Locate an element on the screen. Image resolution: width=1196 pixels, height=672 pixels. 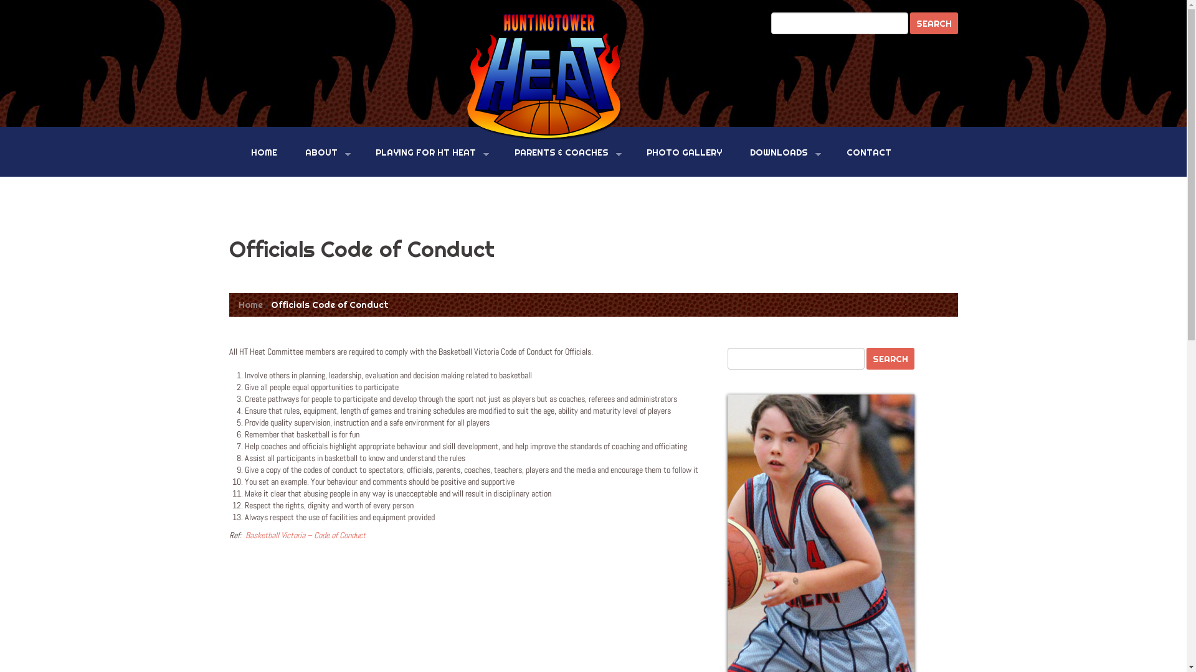
'Home' is located at coordinates (249, 304).